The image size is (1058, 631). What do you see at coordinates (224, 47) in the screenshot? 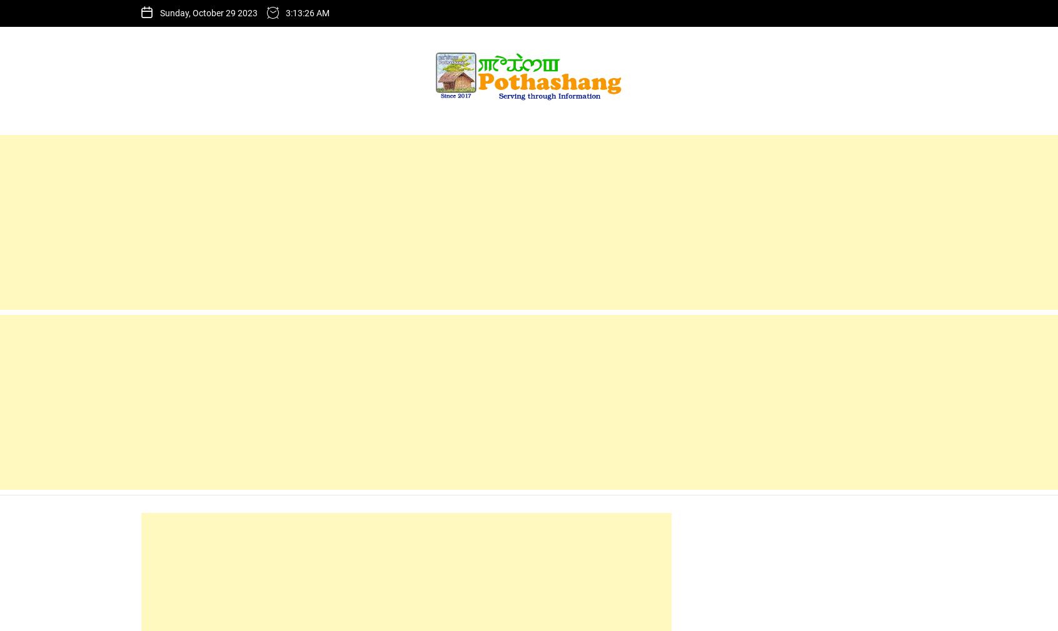
I see `'3rd MCA Plate Tournament'` at bounding box center [224, 47].